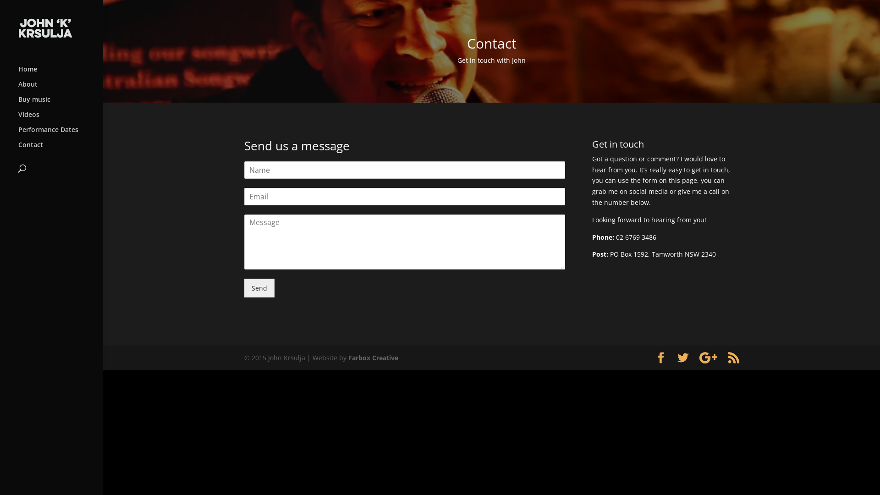 This screenshot has height=495, width=880. What do you see at coordinates (18, 148) in the screenshot?
I see `'Contact'` at bounding box center [18, 148].